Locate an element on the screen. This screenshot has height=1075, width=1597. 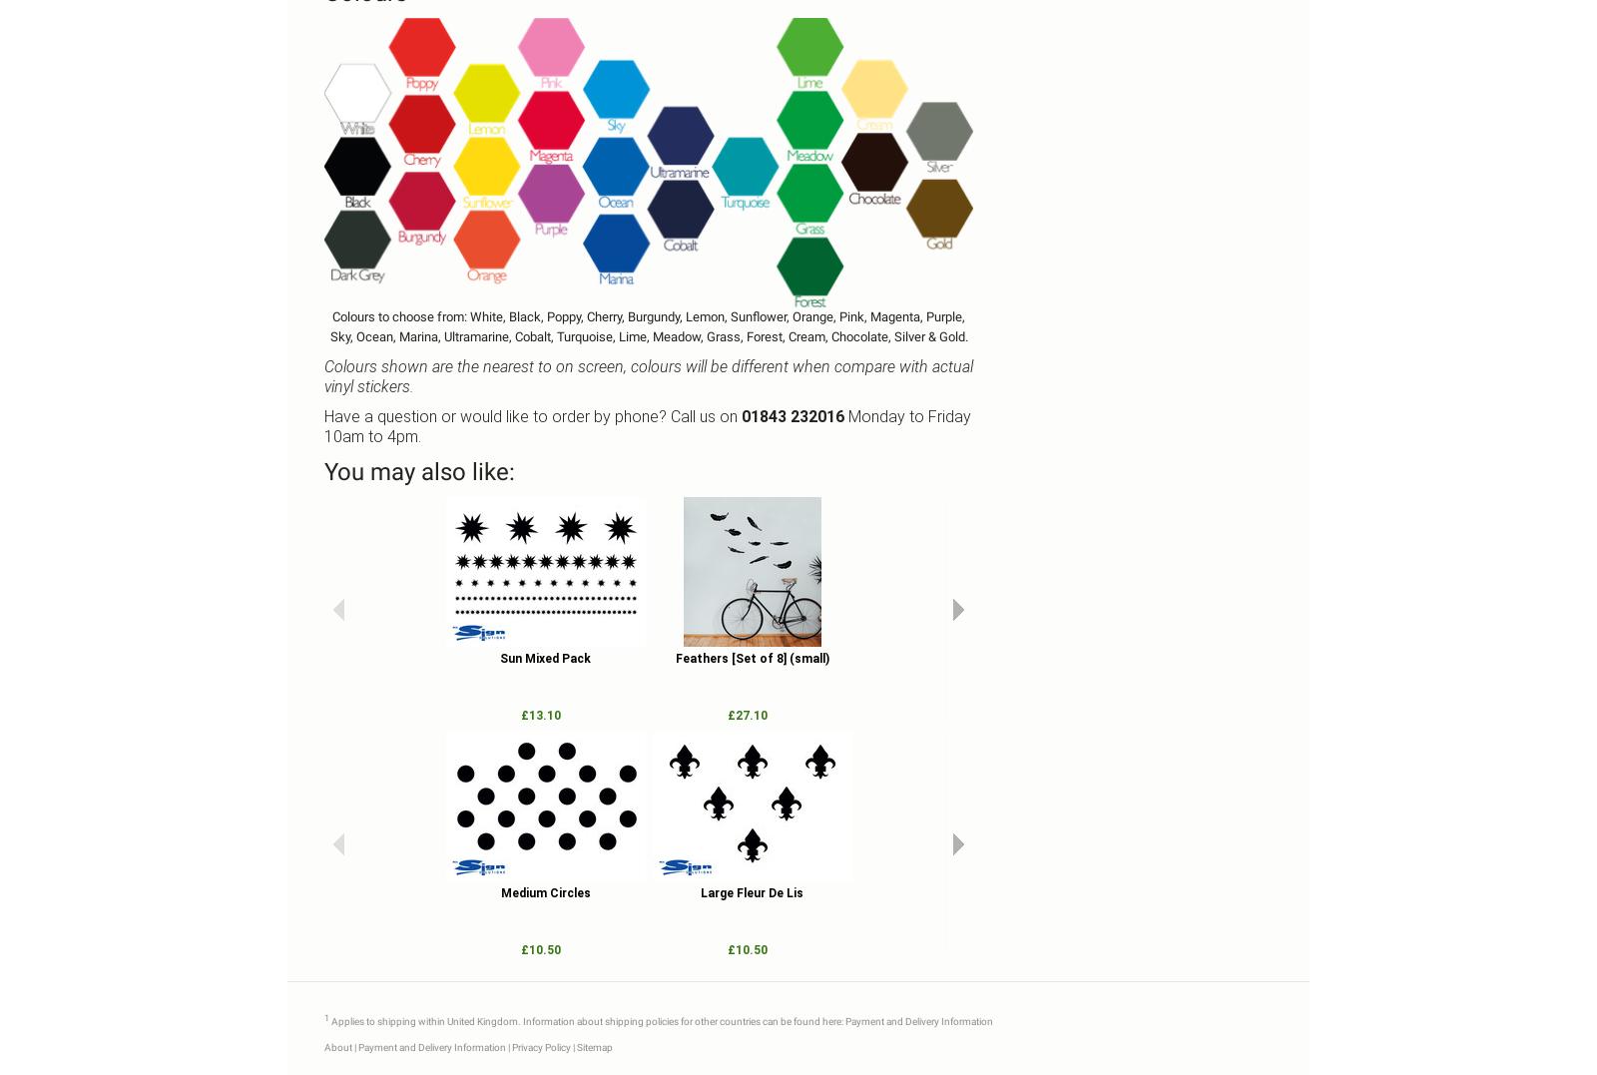
'£13.20' is located at coordinates (1364, 715).